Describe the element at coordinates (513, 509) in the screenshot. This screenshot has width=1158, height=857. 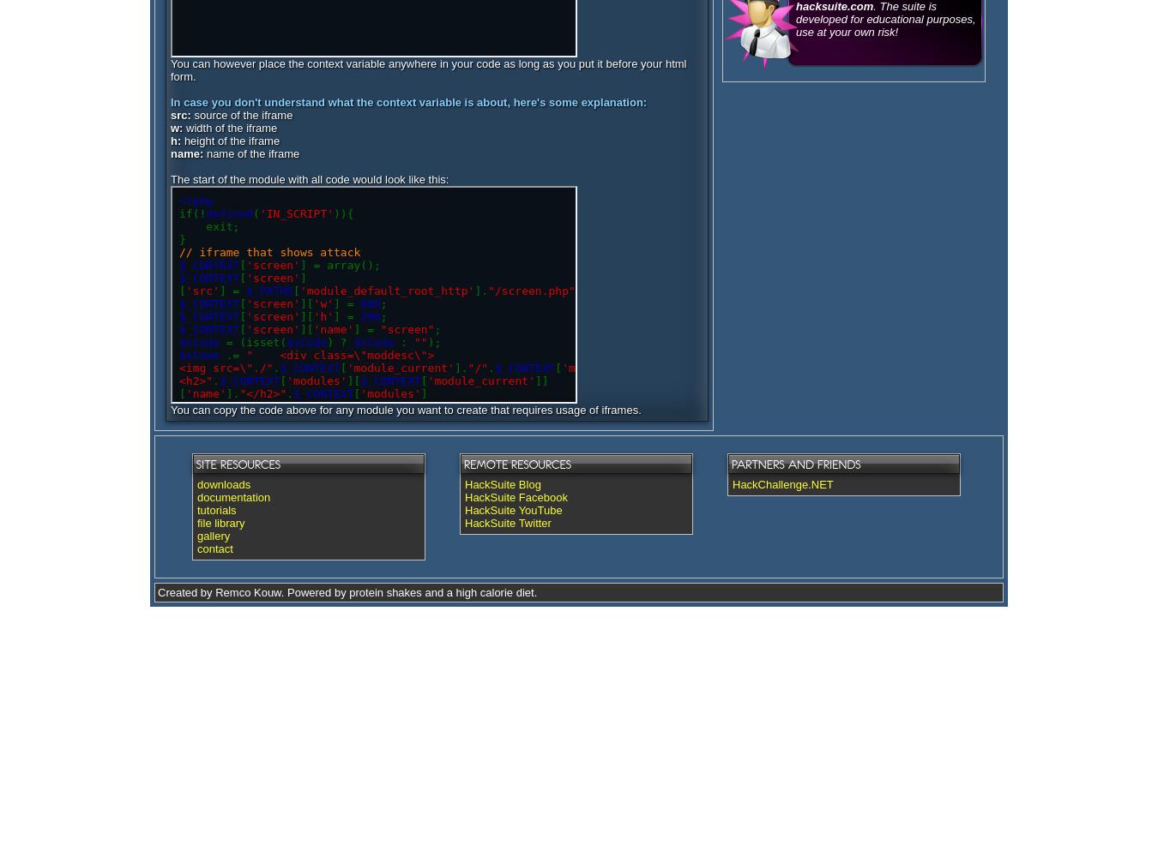
I see `'HackSuite YouTube'` at that location.